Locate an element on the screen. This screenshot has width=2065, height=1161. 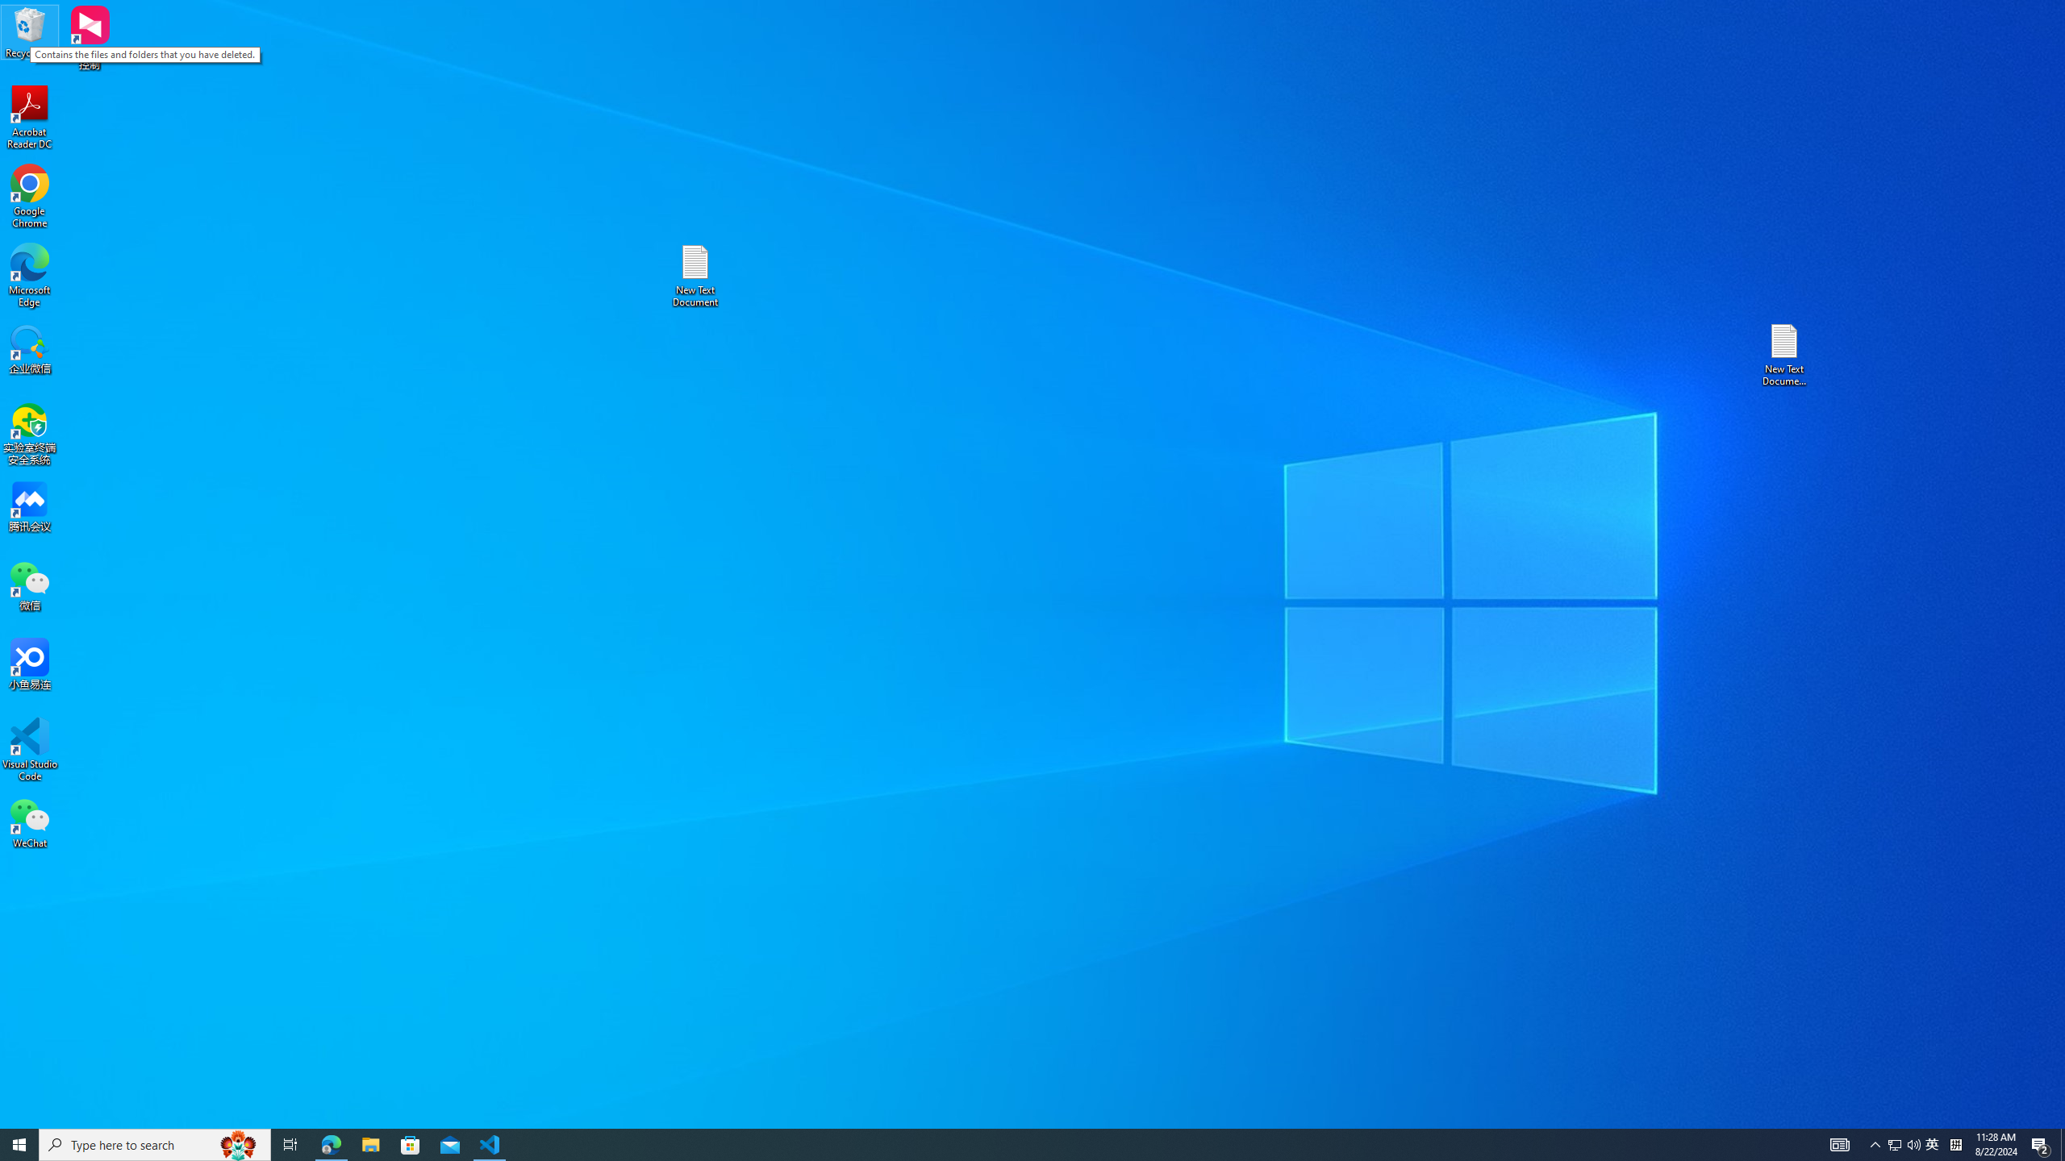
'File Explorer' is located at coordinates (369, 1143).